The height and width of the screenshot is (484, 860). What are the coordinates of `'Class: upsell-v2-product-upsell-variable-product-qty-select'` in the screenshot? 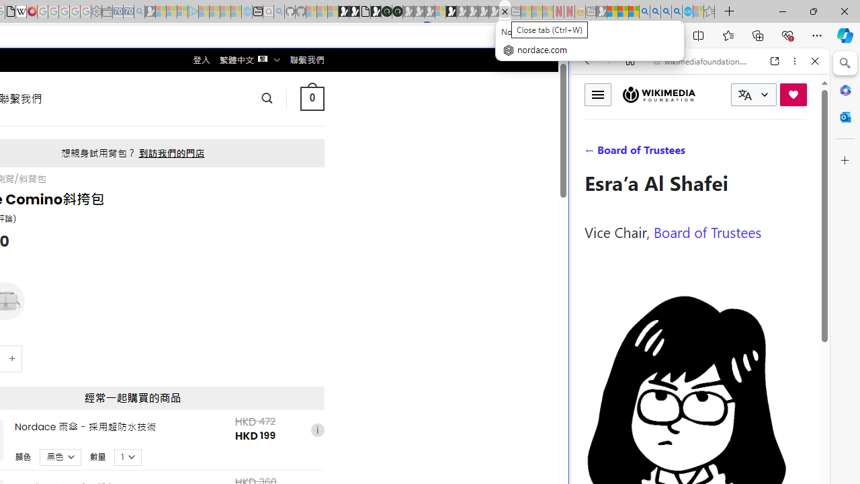 It's located at (128, 456).